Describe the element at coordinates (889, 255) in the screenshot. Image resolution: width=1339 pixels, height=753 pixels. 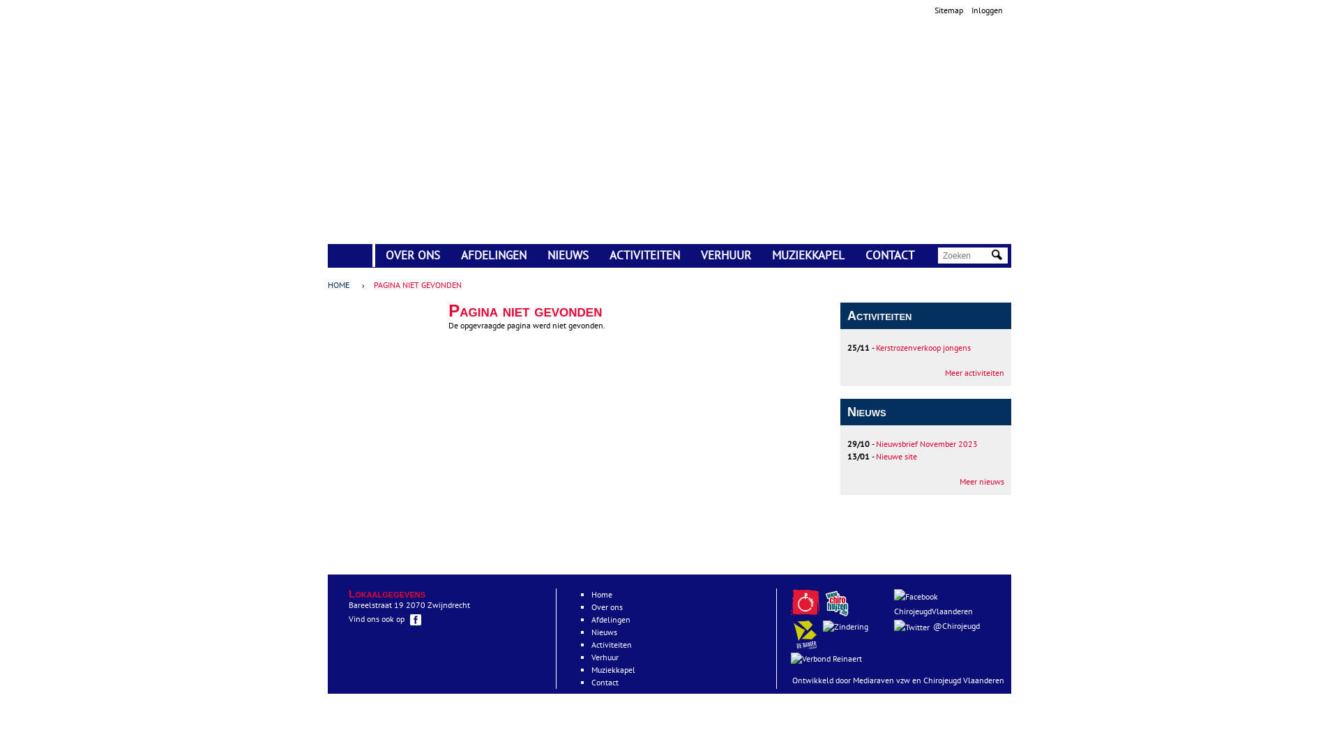
I see `'CONTACT'` at that location.